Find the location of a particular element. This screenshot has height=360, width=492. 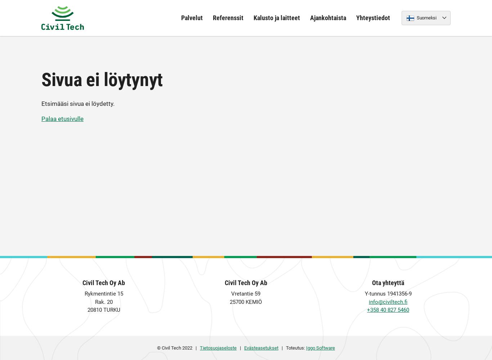

'Ota yhteyttä' is located at coordinates (388, 283).